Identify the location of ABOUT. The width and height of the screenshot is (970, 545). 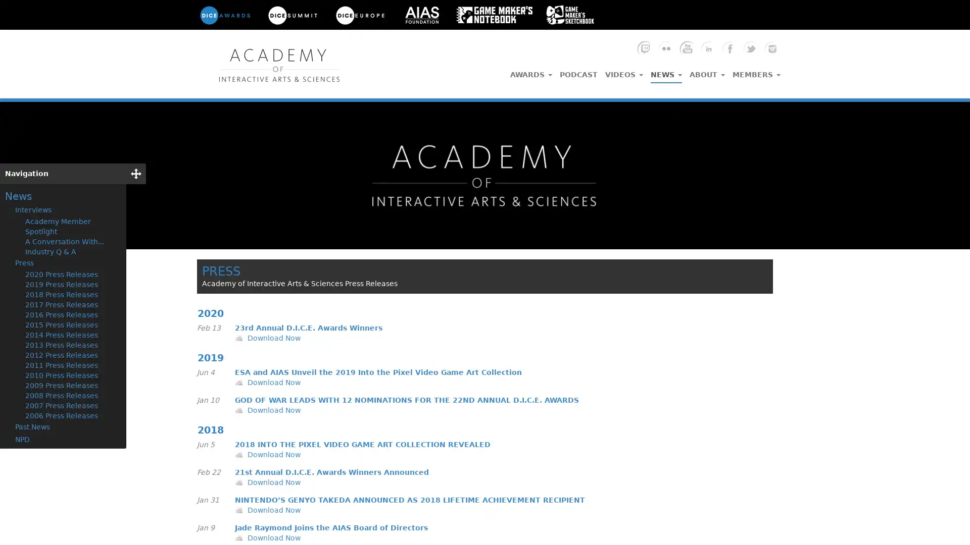
(707, 71).